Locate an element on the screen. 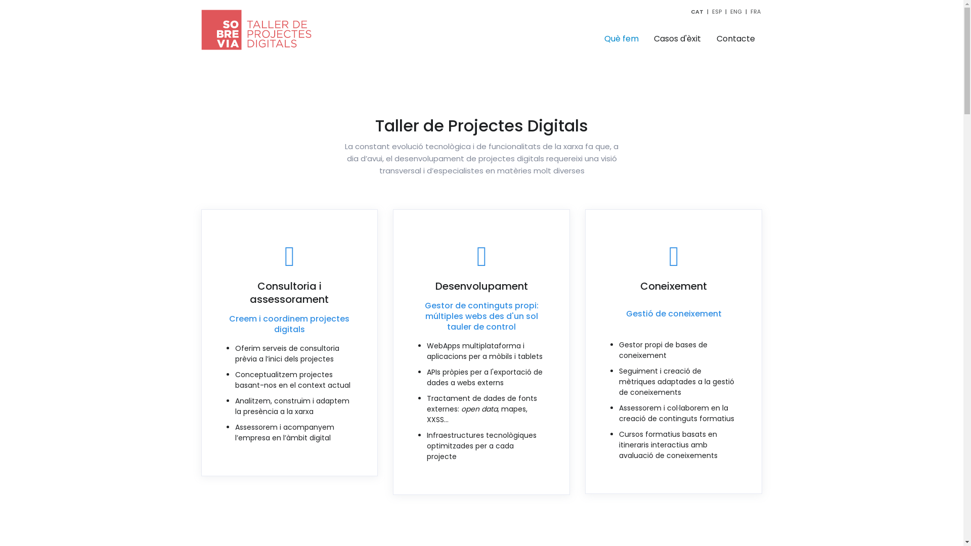  'ENG' is located at coordinates (736, 12).